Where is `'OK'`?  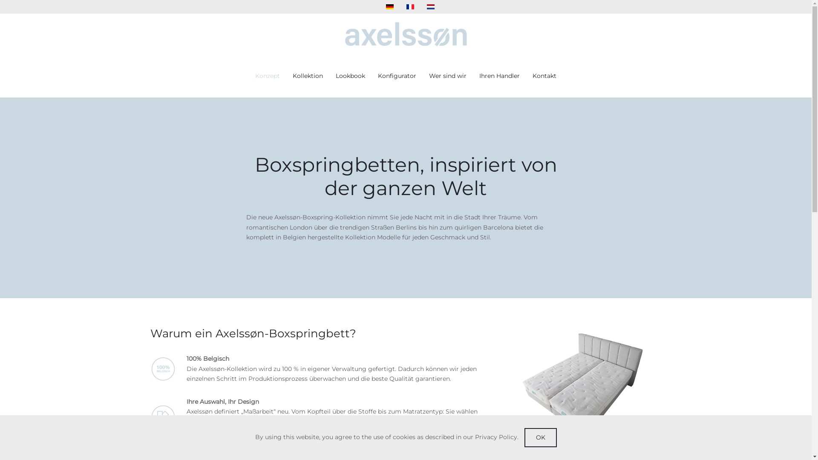
'OK' is located at coordinates (539, 437).